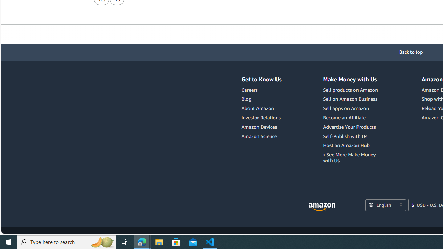  Describe the element at coordinates (351, 158) in the screenshot. I see `'See More Make Money with Us'` at that location.